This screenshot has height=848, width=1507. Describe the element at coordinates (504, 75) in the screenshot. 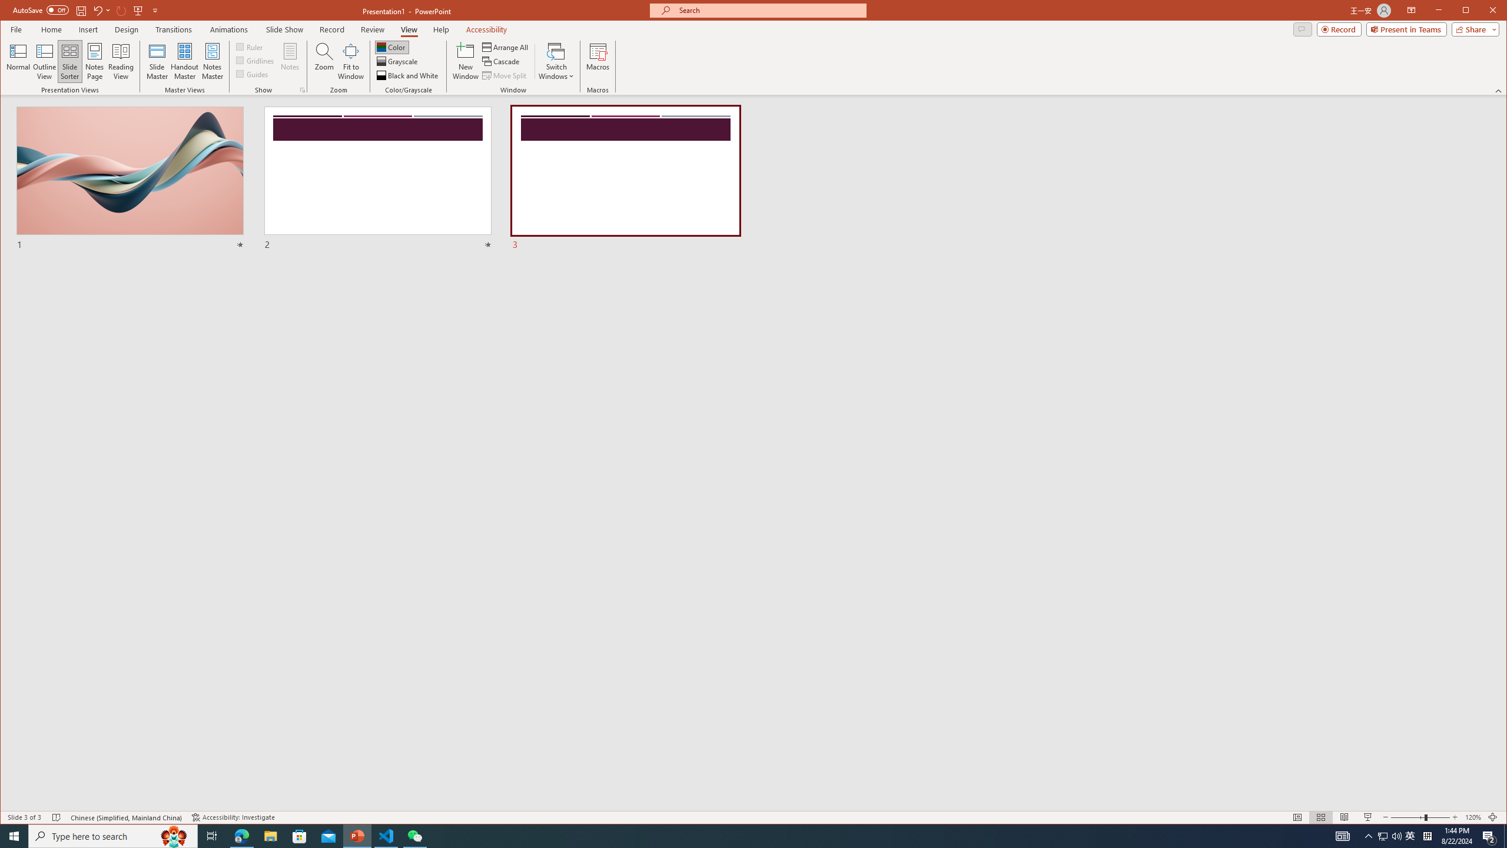

I see `'Move Split'` at that location.